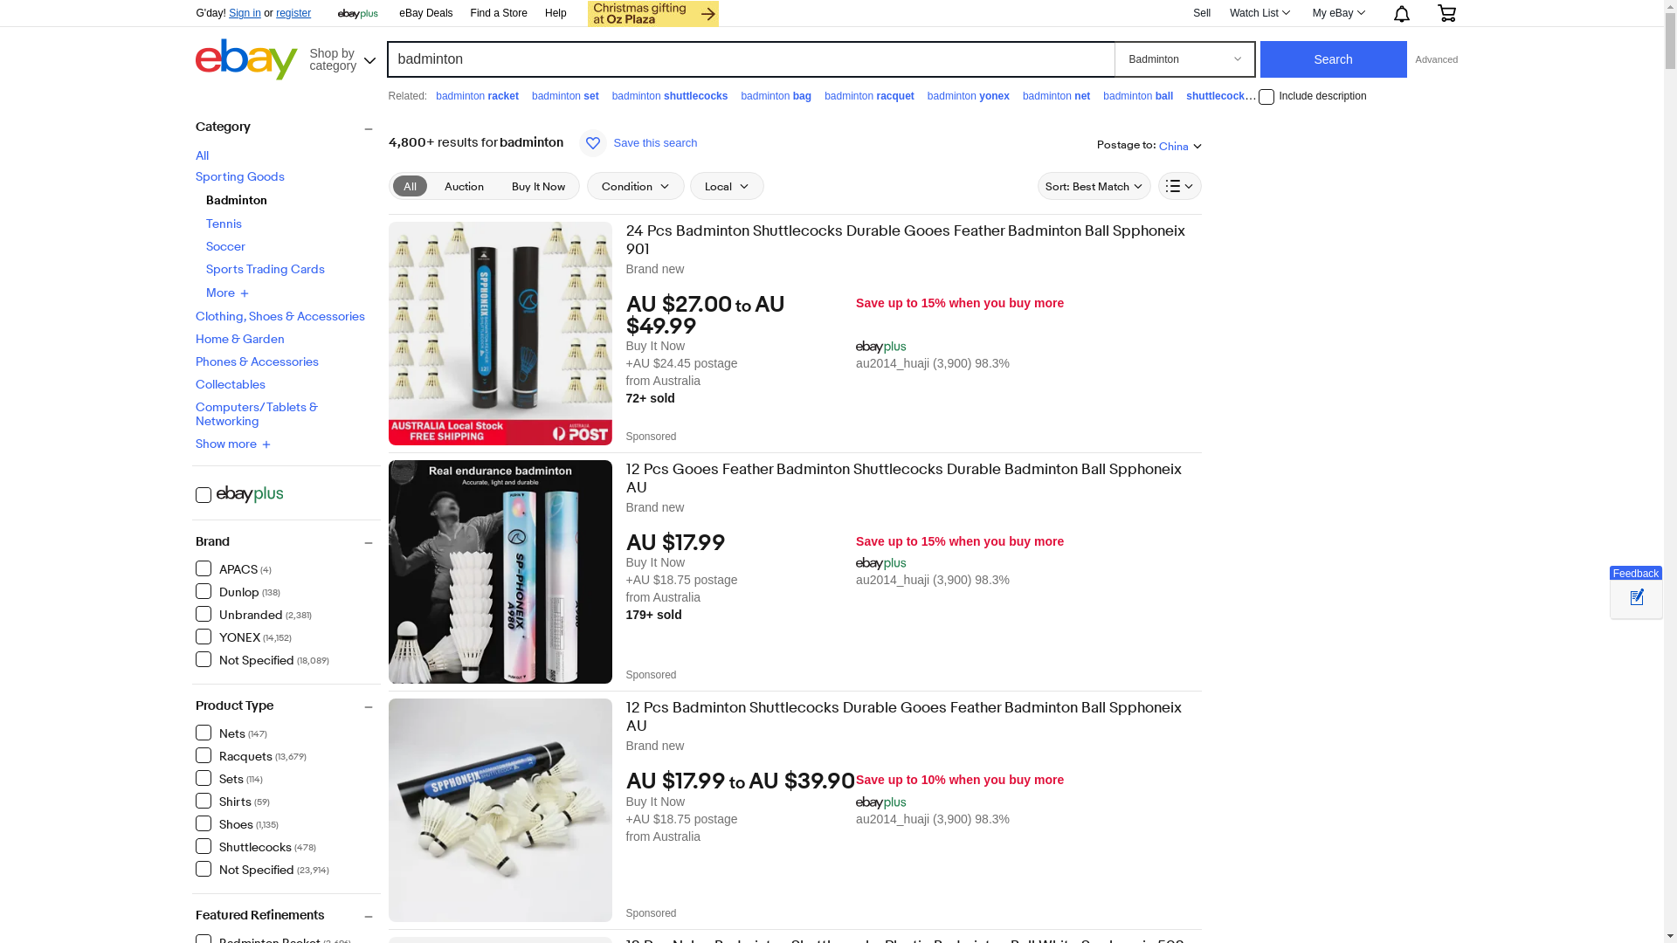 The width and height of the screenshot is (1677, 943). Describe the element at coordinates (236, 823) in the screenshot. I see `'Shoes` at that location.